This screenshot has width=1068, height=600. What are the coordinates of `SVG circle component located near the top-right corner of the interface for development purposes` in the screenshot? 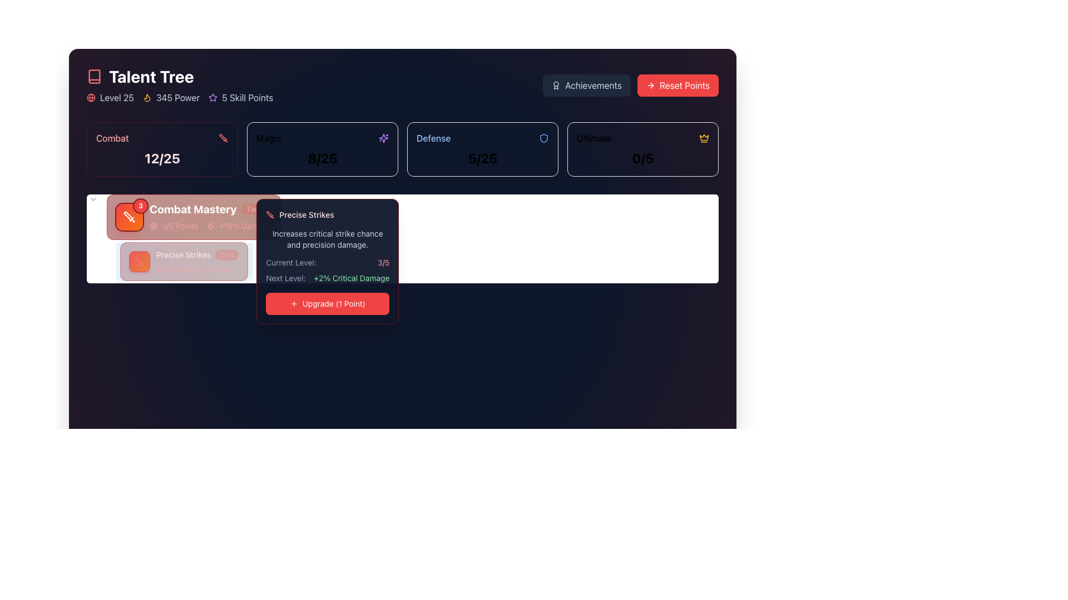 It's located at (729, 177).